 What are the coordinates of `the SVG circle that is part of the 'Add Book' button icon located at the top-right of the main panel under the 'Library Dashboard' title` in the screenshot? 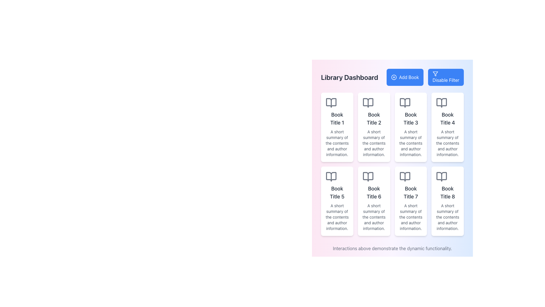 It's located at (393, 77).